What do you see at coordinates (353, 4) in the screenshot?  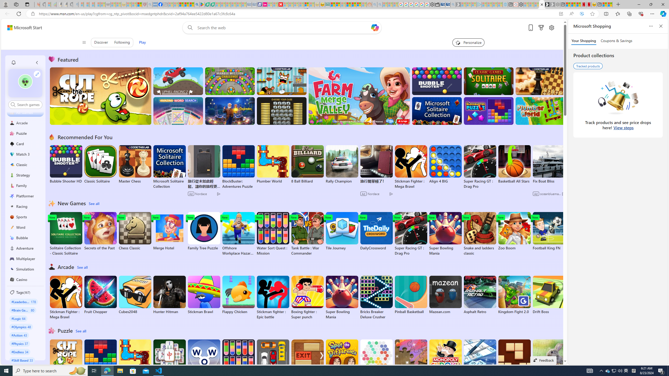 I see `'Kinda Frugal - MSN'` at bounding box center [353, 4].